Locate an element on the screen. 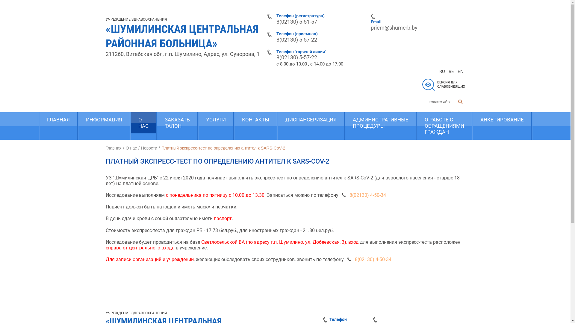  'EN' is located at coordinates (460, 71).